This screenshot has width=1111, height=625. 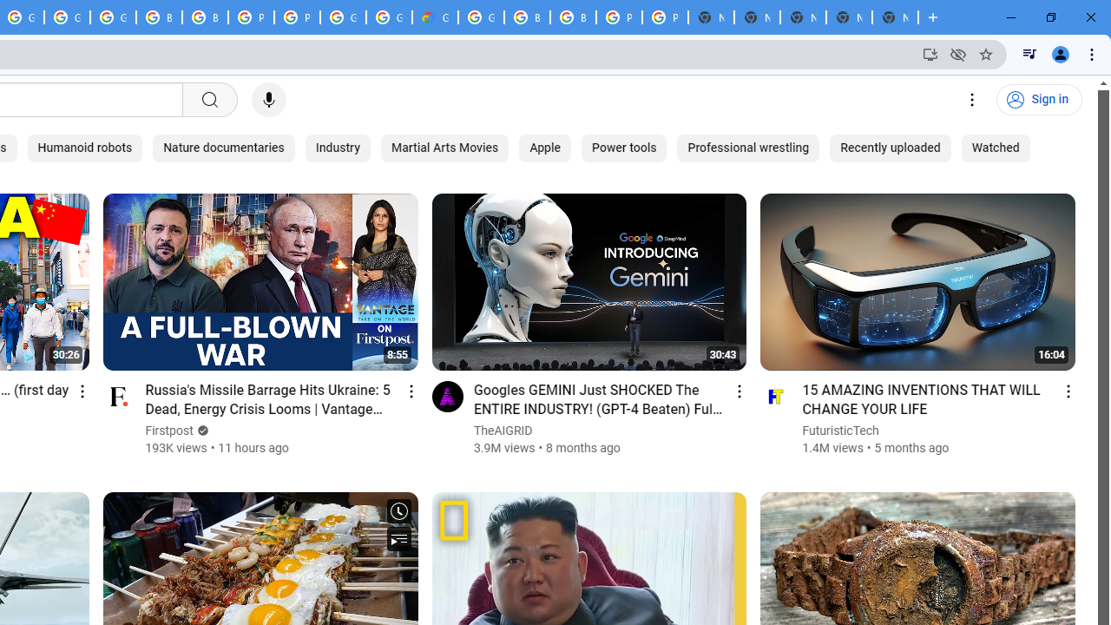 I want to click on 'Professional wrestling', so click(x=748, y=148).